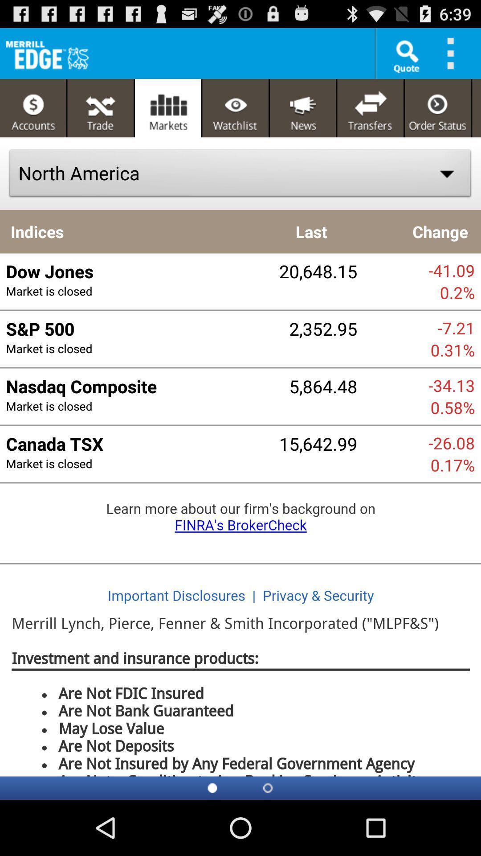 The image size is (481, 856). What do you see at coordinates (370, 115) in the screenshot?
I see `the compare icon` at bounding box center [370, 115].